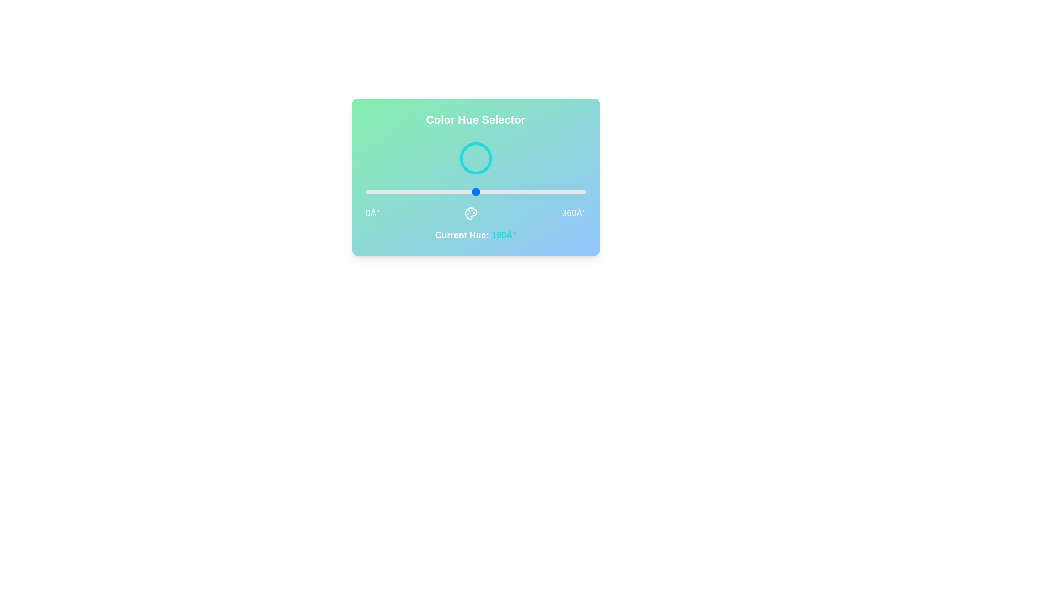 This screenshot has height=596, width=1059. I want to click on the hue value to 257 by interacting with the slider, so click(522, 191).